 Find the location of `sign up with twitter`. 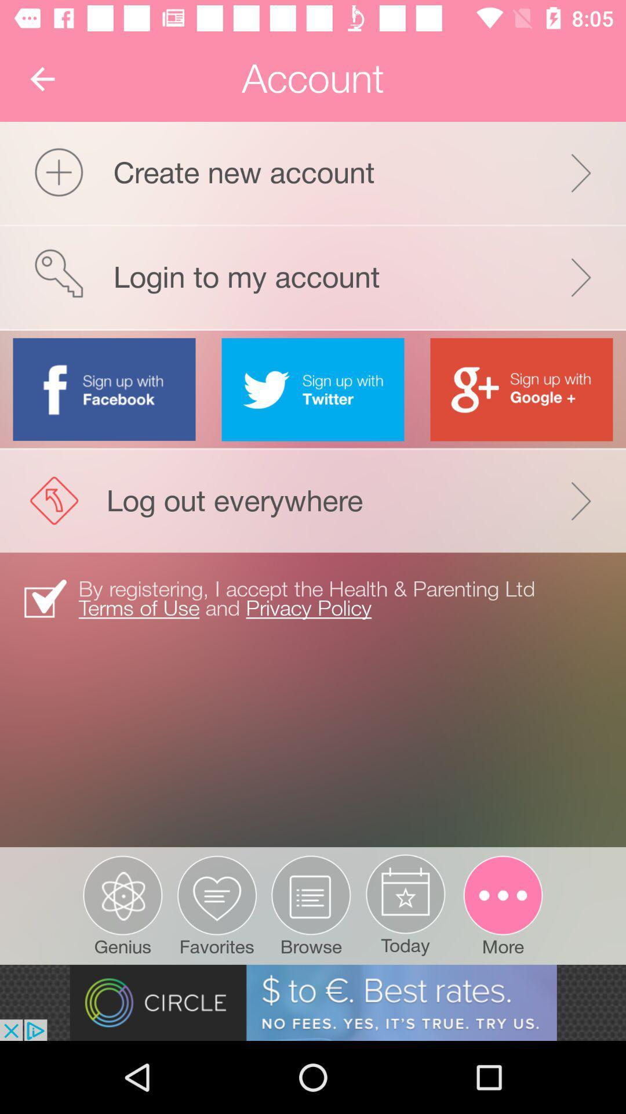

sign up with twitter is located at coordinates (313, 389).